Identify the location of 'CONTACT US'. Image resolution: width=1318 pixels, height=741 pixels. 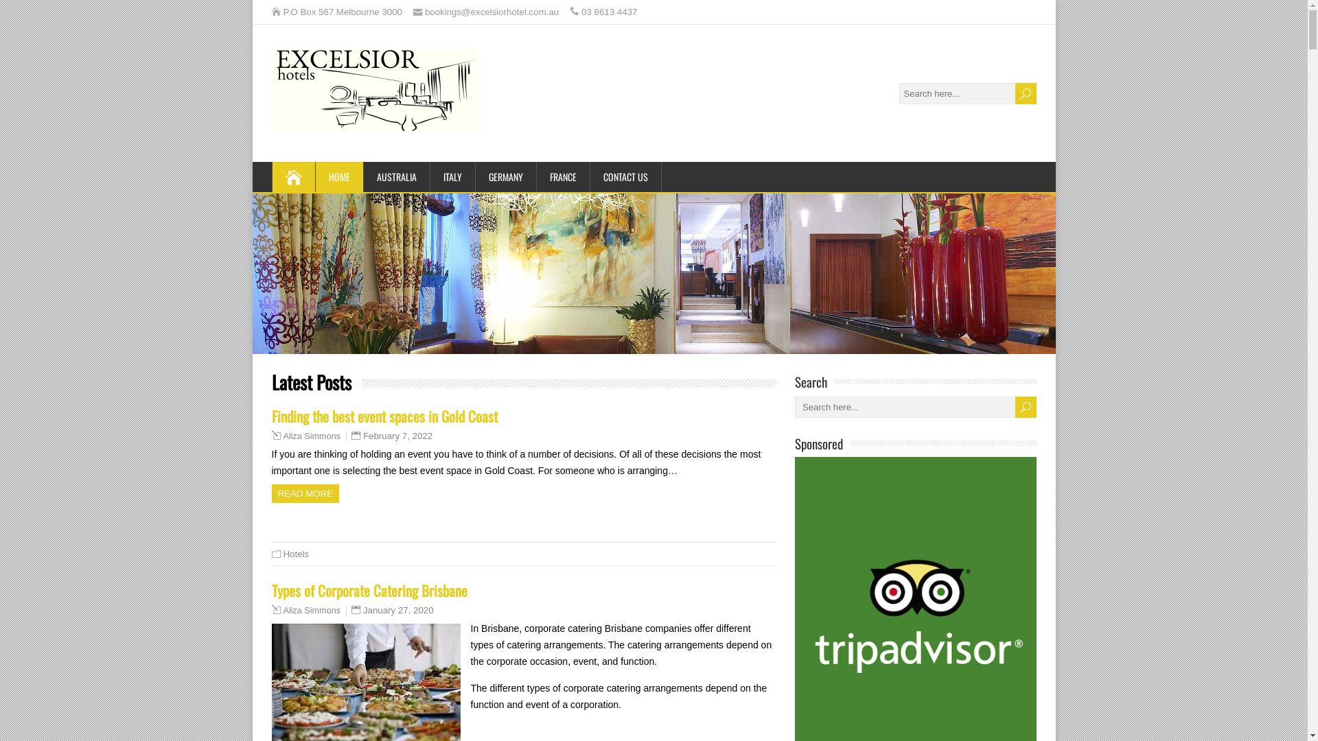
(625, 176).